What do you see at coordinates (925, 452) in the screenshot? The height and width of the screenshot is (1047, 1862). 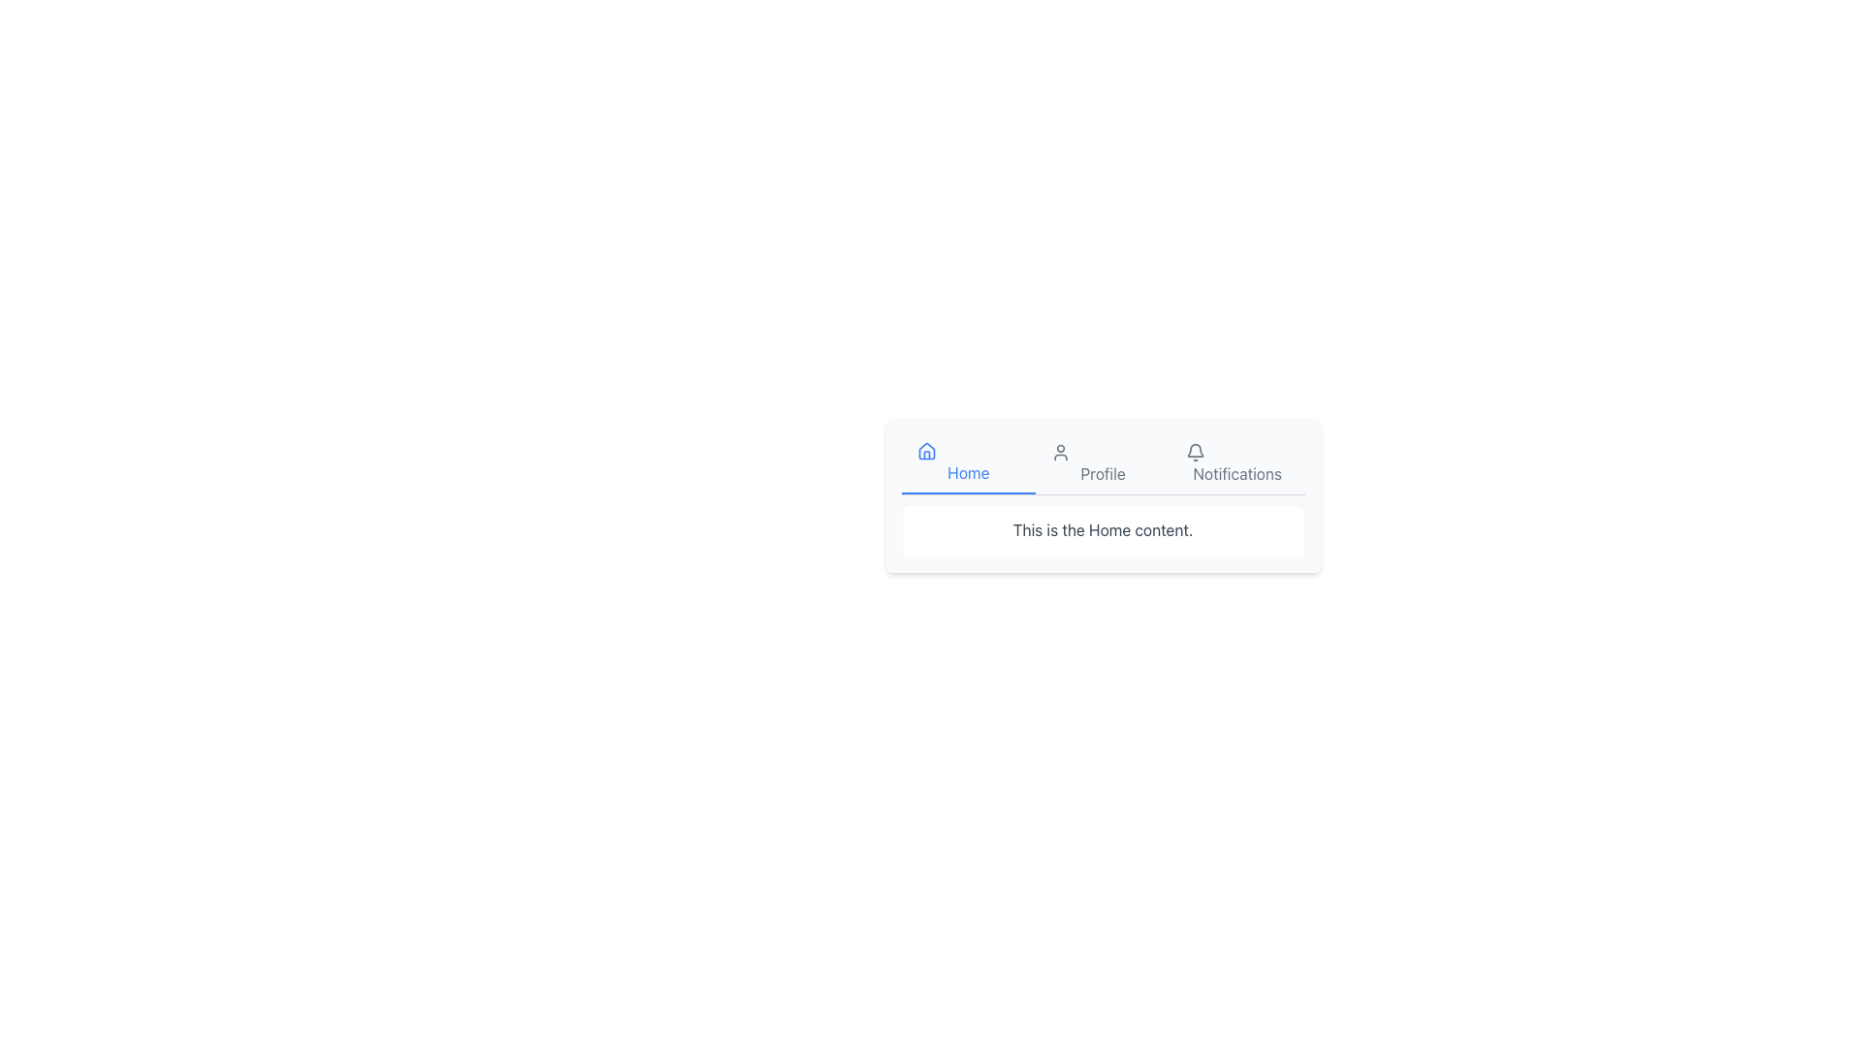 I see `the 'Home' icon in the navigation bar` at bounding box center [925, 452].